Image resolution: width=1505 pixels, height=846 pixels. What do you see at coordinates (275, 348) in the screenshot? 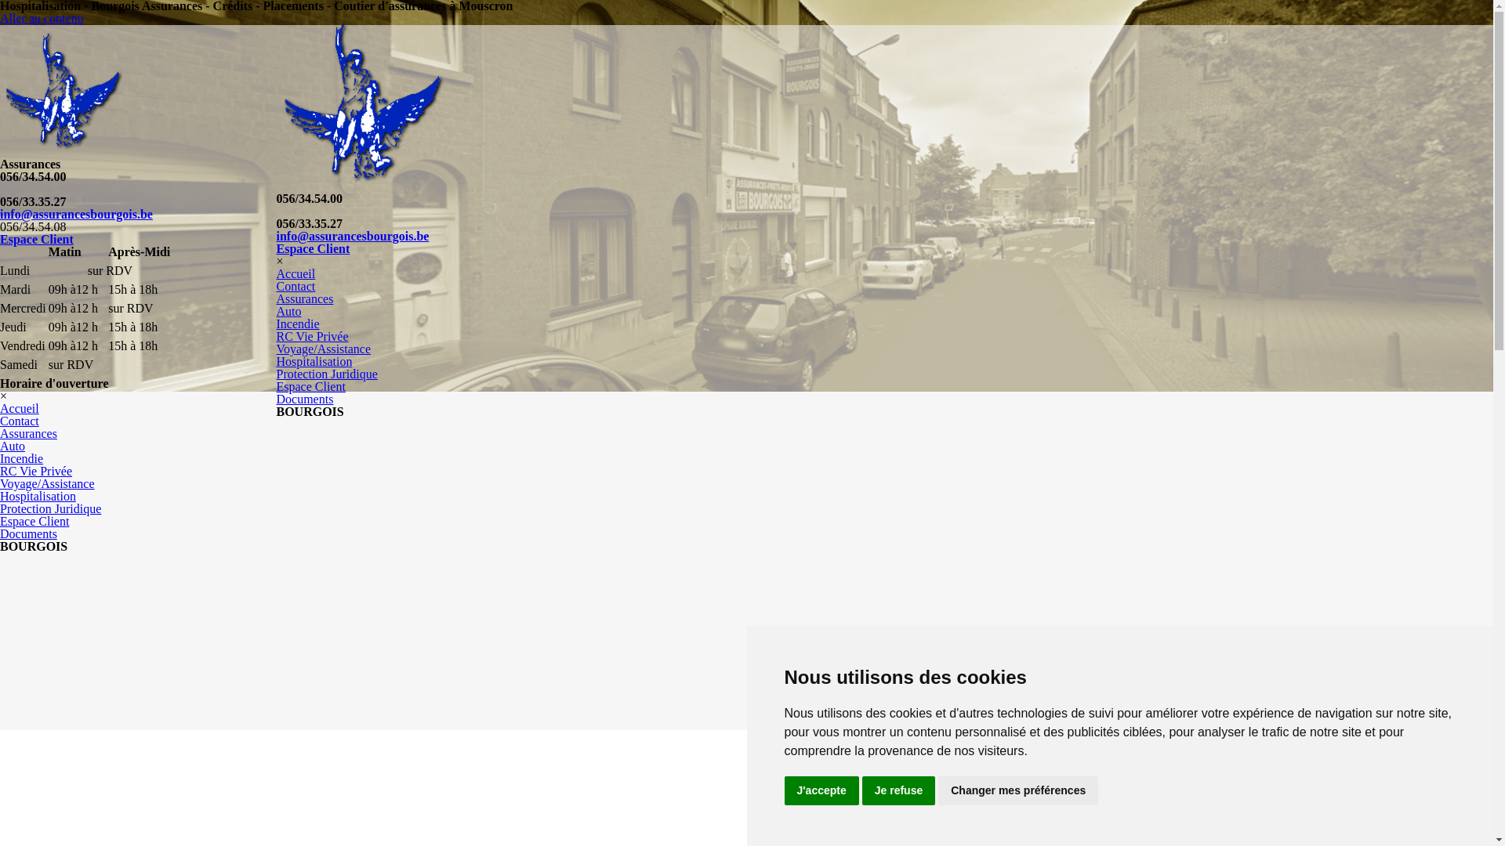
I see `'Voyage/Assistance'` at bounding box center [275, 348].